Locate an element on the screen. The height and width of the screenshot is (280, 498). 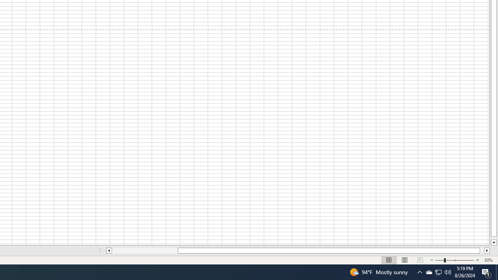
'Zoom In' is located at coordinates (477, 260).